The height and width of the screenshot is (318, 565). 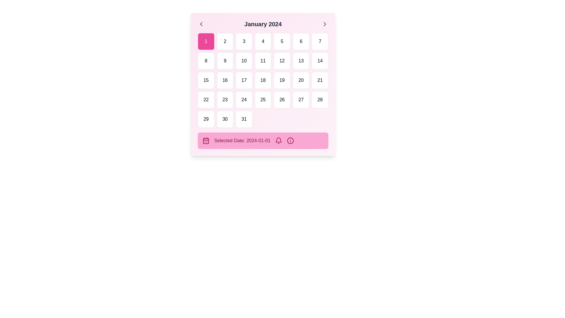 I want to click on the square tile button displaying the centered black text '27', so click(x=301, y=100).